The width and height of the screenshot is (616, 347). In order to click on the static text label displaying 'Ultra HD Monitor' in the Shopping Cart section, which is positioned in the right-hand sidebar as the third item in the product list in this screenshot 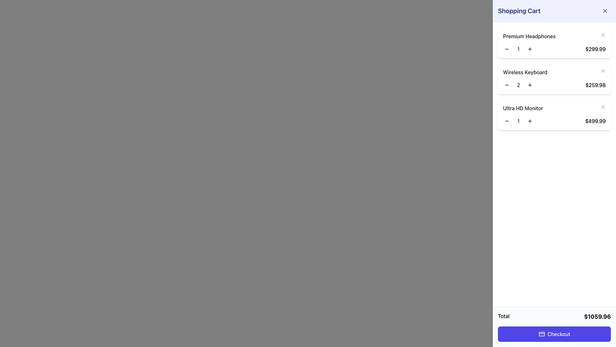, I will do `click(523, 108)`.